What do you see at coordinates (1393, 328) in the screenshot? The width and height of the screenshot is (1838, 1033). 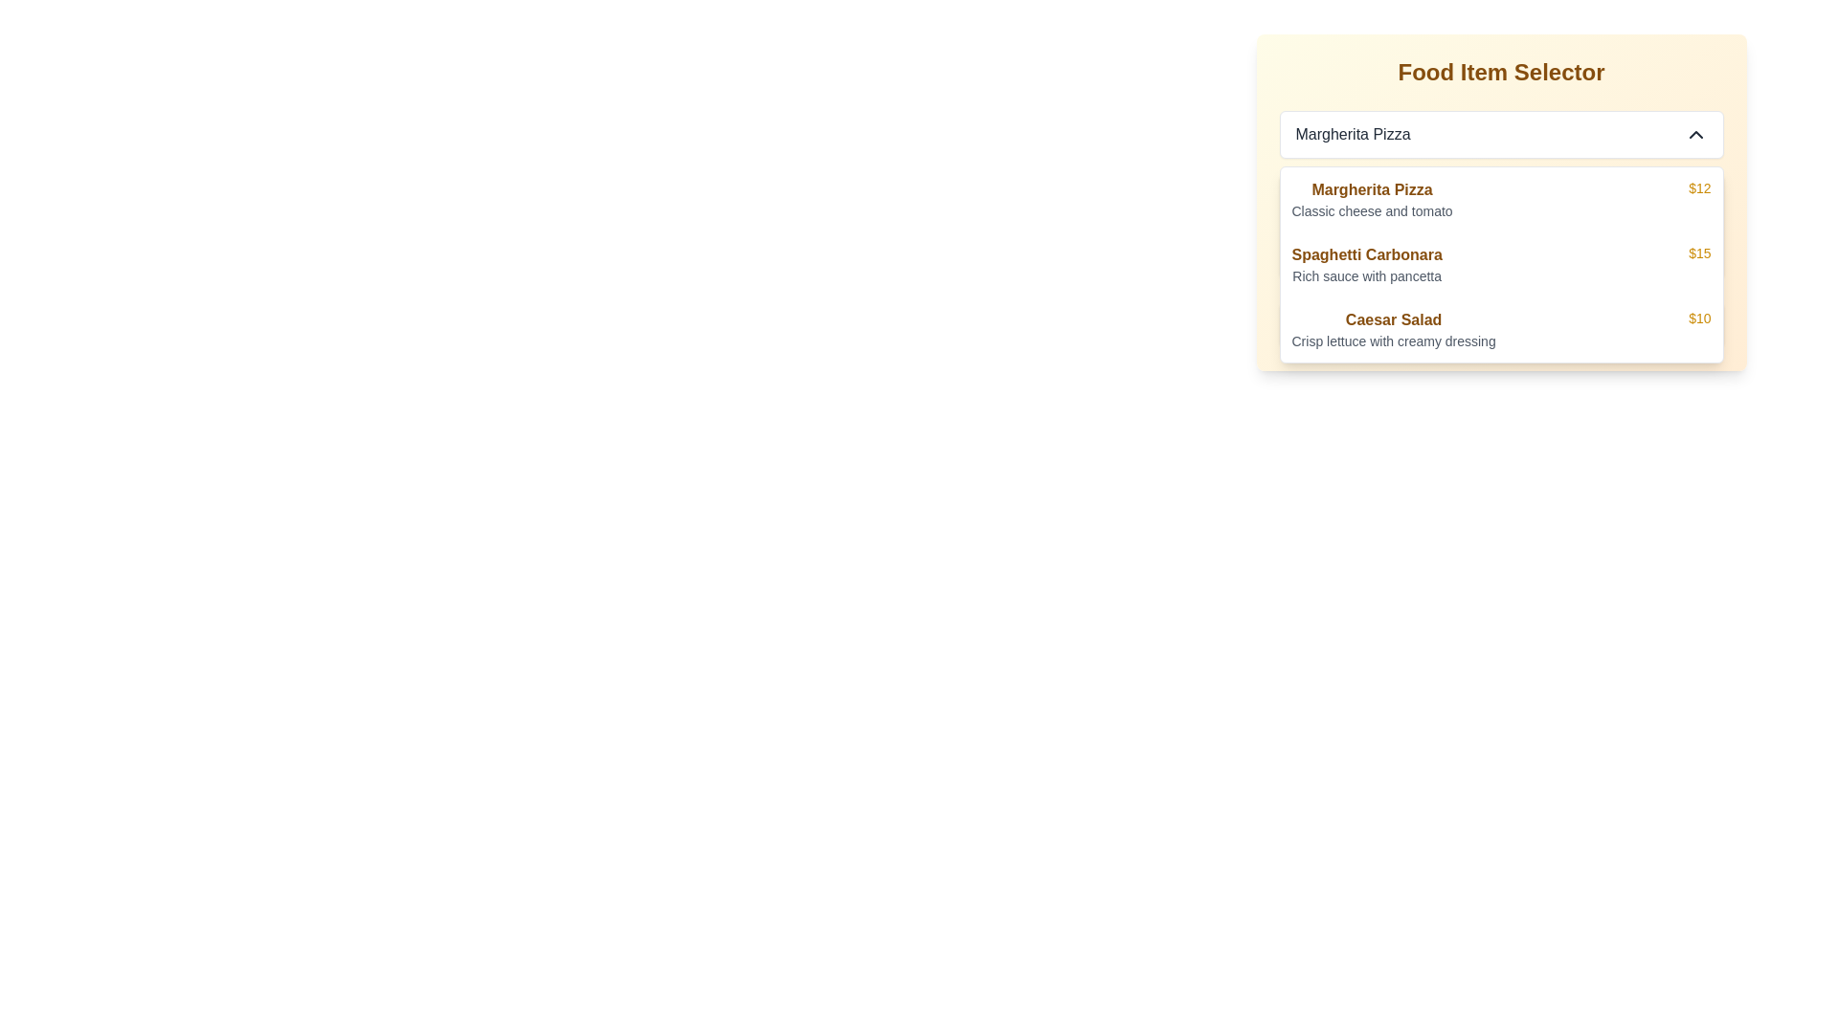 I see `the 'Caesar Salad' menu item description, which features bold header text and a smaller descriptive text in a card layout` at bounding box center [1393, 328].